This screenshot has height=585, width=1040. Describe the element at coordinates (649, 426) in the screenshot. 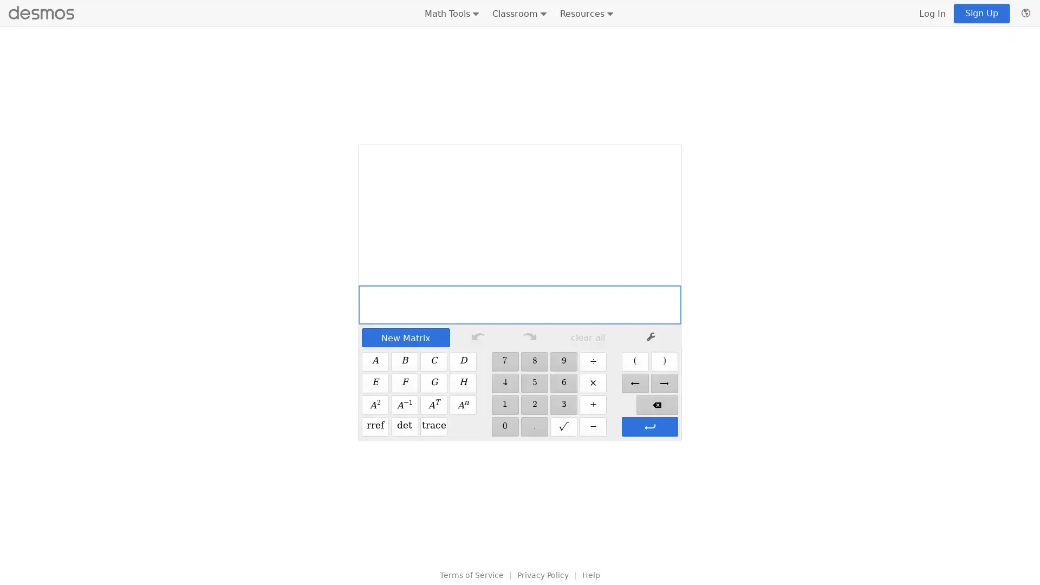

I see `Enter` at that location.